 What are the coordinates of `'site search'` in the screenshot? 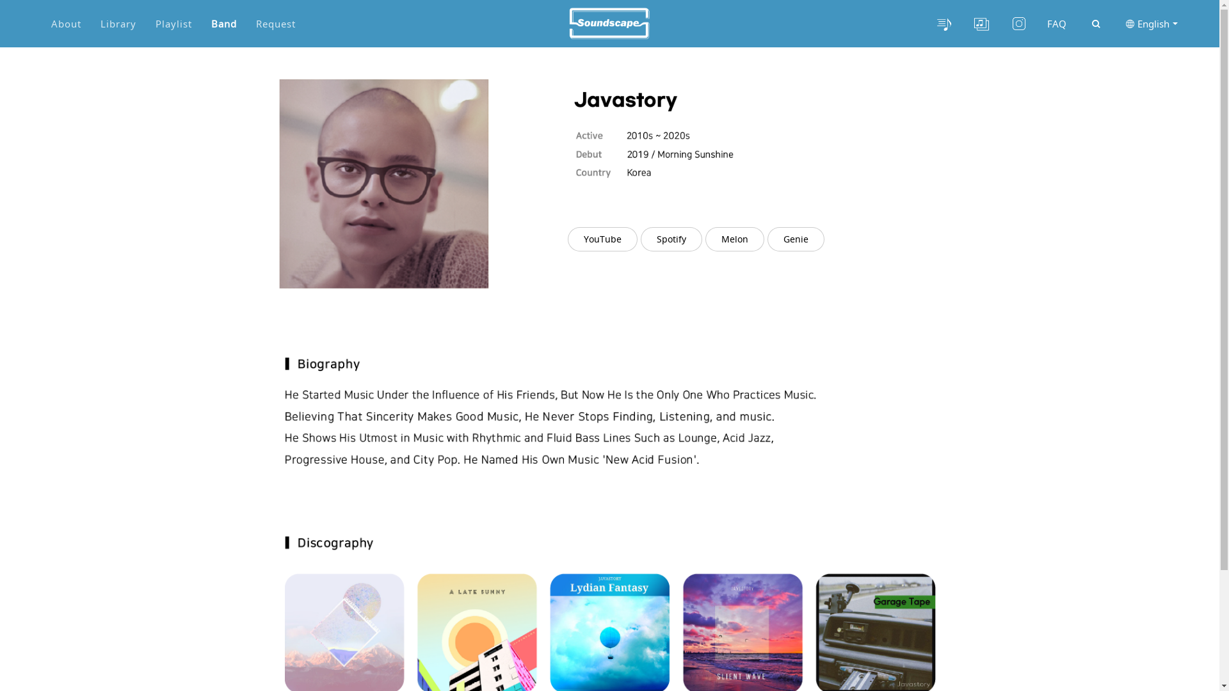 It's located at (1095, 24).